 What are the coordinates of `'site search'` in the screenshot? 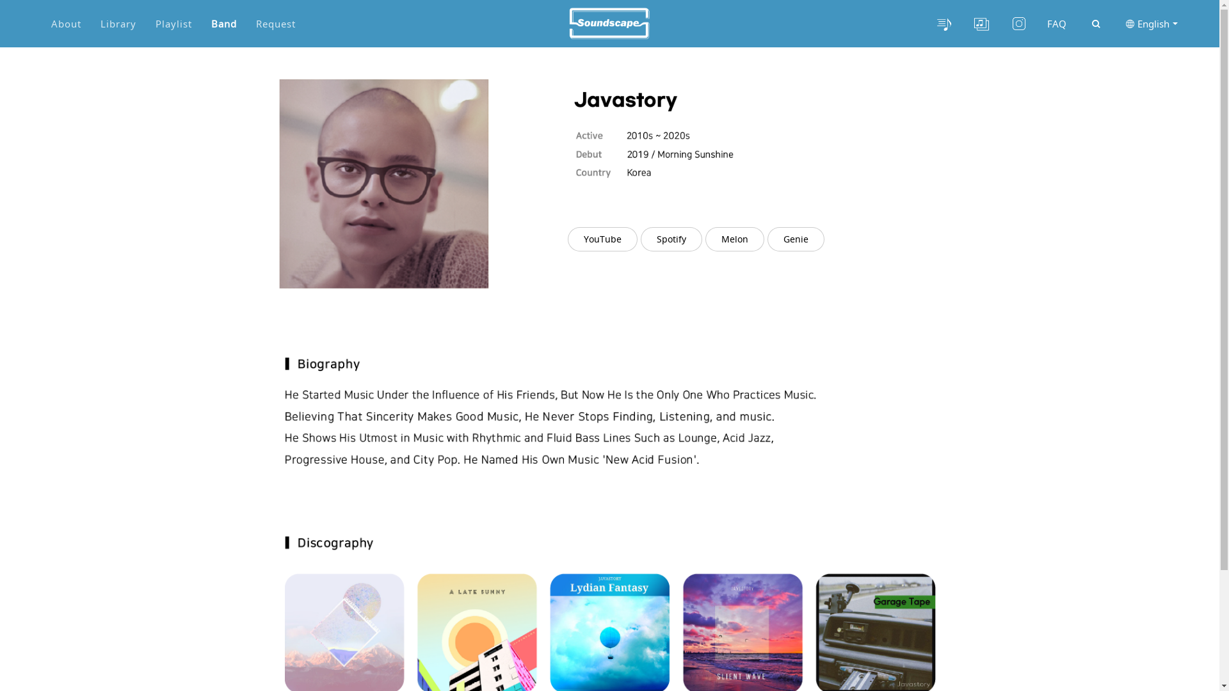 It's located at (1095, 24).